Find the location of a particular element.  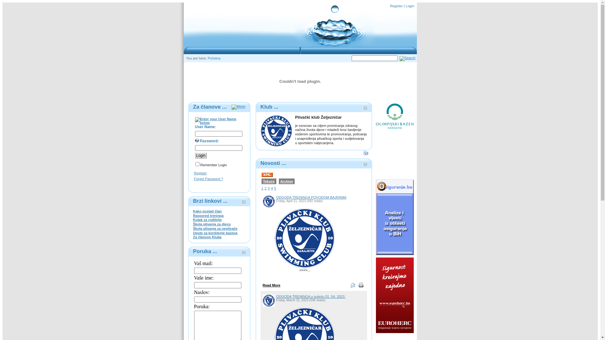

'2' is located at coordinates (266, 188).